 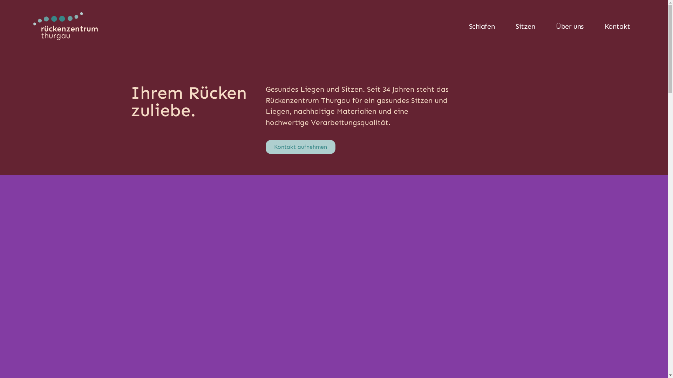 I want to click on 'Kontakt', so click(x=617, y=26).